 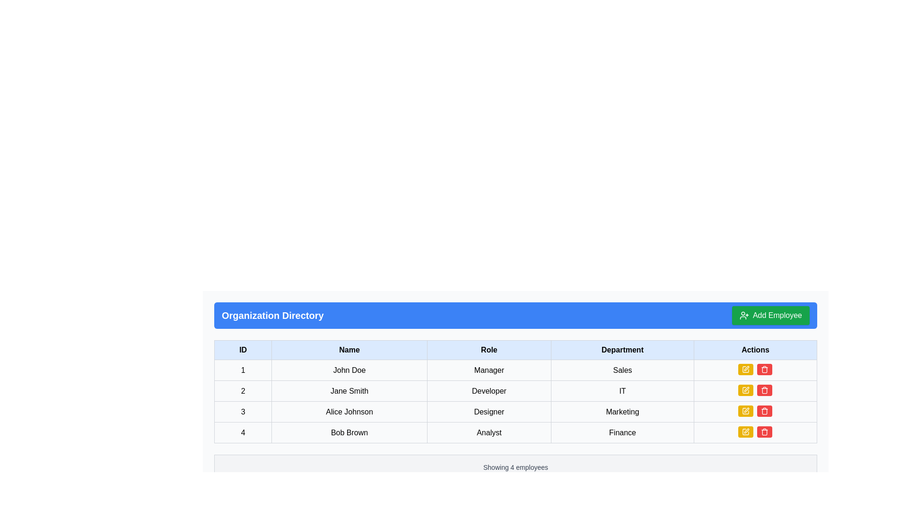 I want to click on the leftmost edit button in the 'Actions' column of the first row under the 'Organization Directory' header, so click(x=745, y=369).